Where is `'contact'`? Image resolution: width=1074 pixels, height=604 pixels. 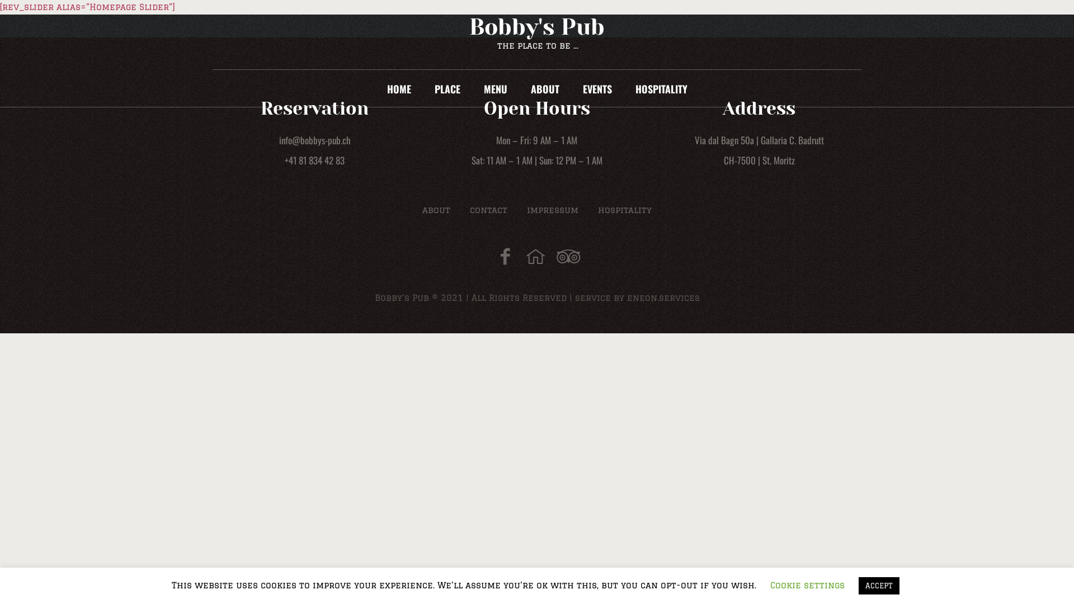
'contact' is located at coordinates (488, 210).